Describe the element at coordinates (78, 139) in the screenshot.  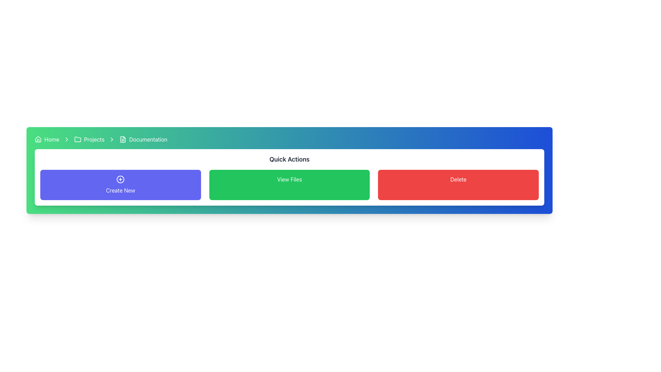
I see `the vibrant green folder icon in the navigation breadcrumb located between the 'Home' icon and the 'Projects' text` at that location.